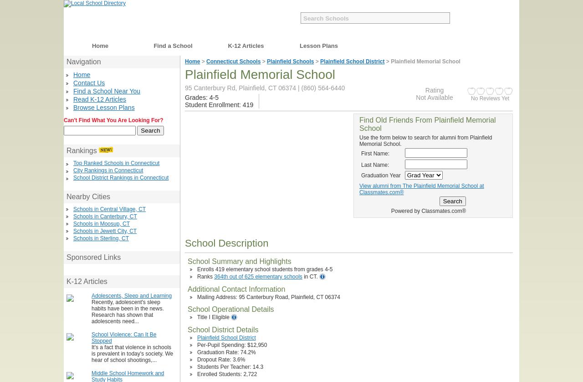  Describe the element at coordinates (173, 46) in the screenshot. I see `'Find a School'` at that location.